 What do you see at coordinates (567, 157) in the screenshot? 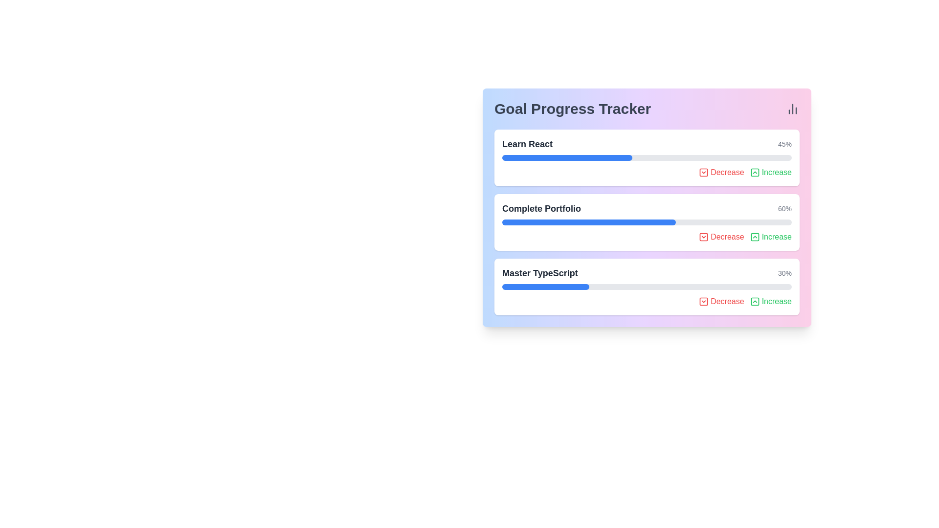
I see `the Progress Bar Segment indicating the current progress of the 'Learn React' goal in the Goal Progress Tracker panel` at bounding box center [567, 157].